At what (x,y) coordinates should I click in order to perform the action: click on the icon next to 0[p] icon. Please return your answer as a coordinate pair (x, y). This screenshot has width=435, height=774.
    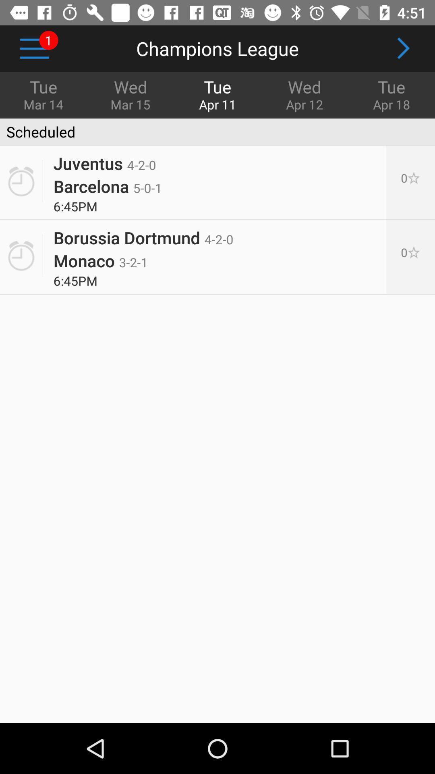
    Looking at the image, I should click on (107, 185).